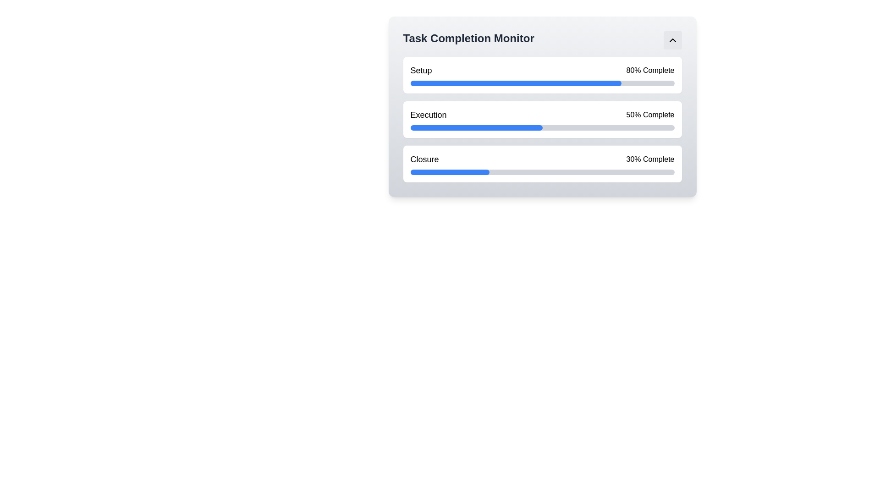 This screenshot has height=495, width=880. I want to click on the upward-facing chevron arrow icon located in the top-right corner of the 'Task Completion Monitor' card, so click(672, 40).